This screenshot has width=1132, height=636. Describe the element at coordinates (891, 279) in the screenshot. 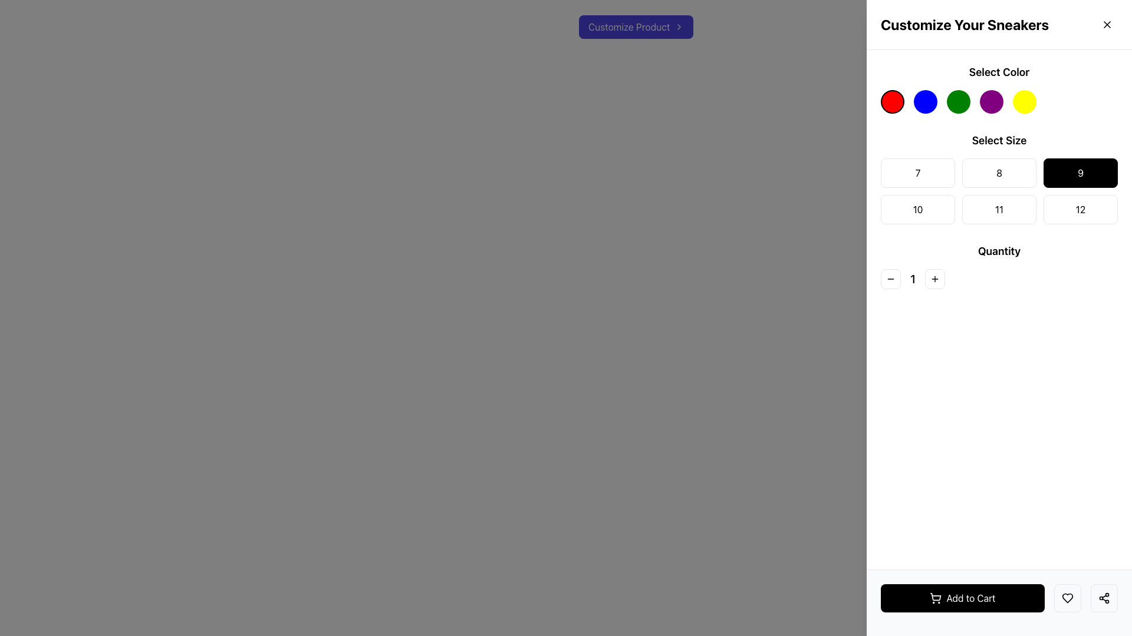

I see `the Decrement Button, which is a small icon resembling a horizontal line with rounded edges, located in the lower central part of the right panel adjacent to a numeric input field` at that location.